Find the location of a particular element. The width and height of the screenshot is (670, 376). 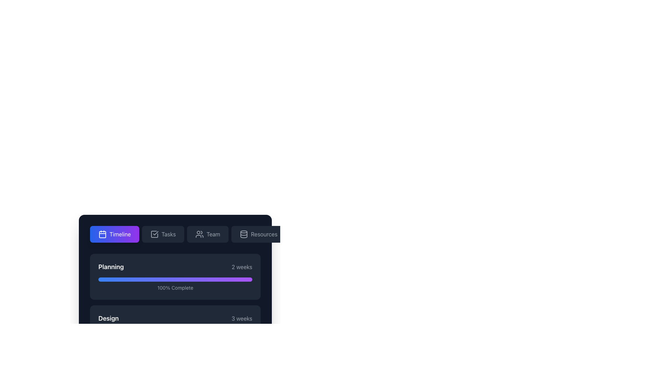

the textual display element that shows 'Development' on the left and '6 weeks' on the right, which is styled with distinct sizes and colors to indicate a hierarchy is located at coordinates (175, 370).